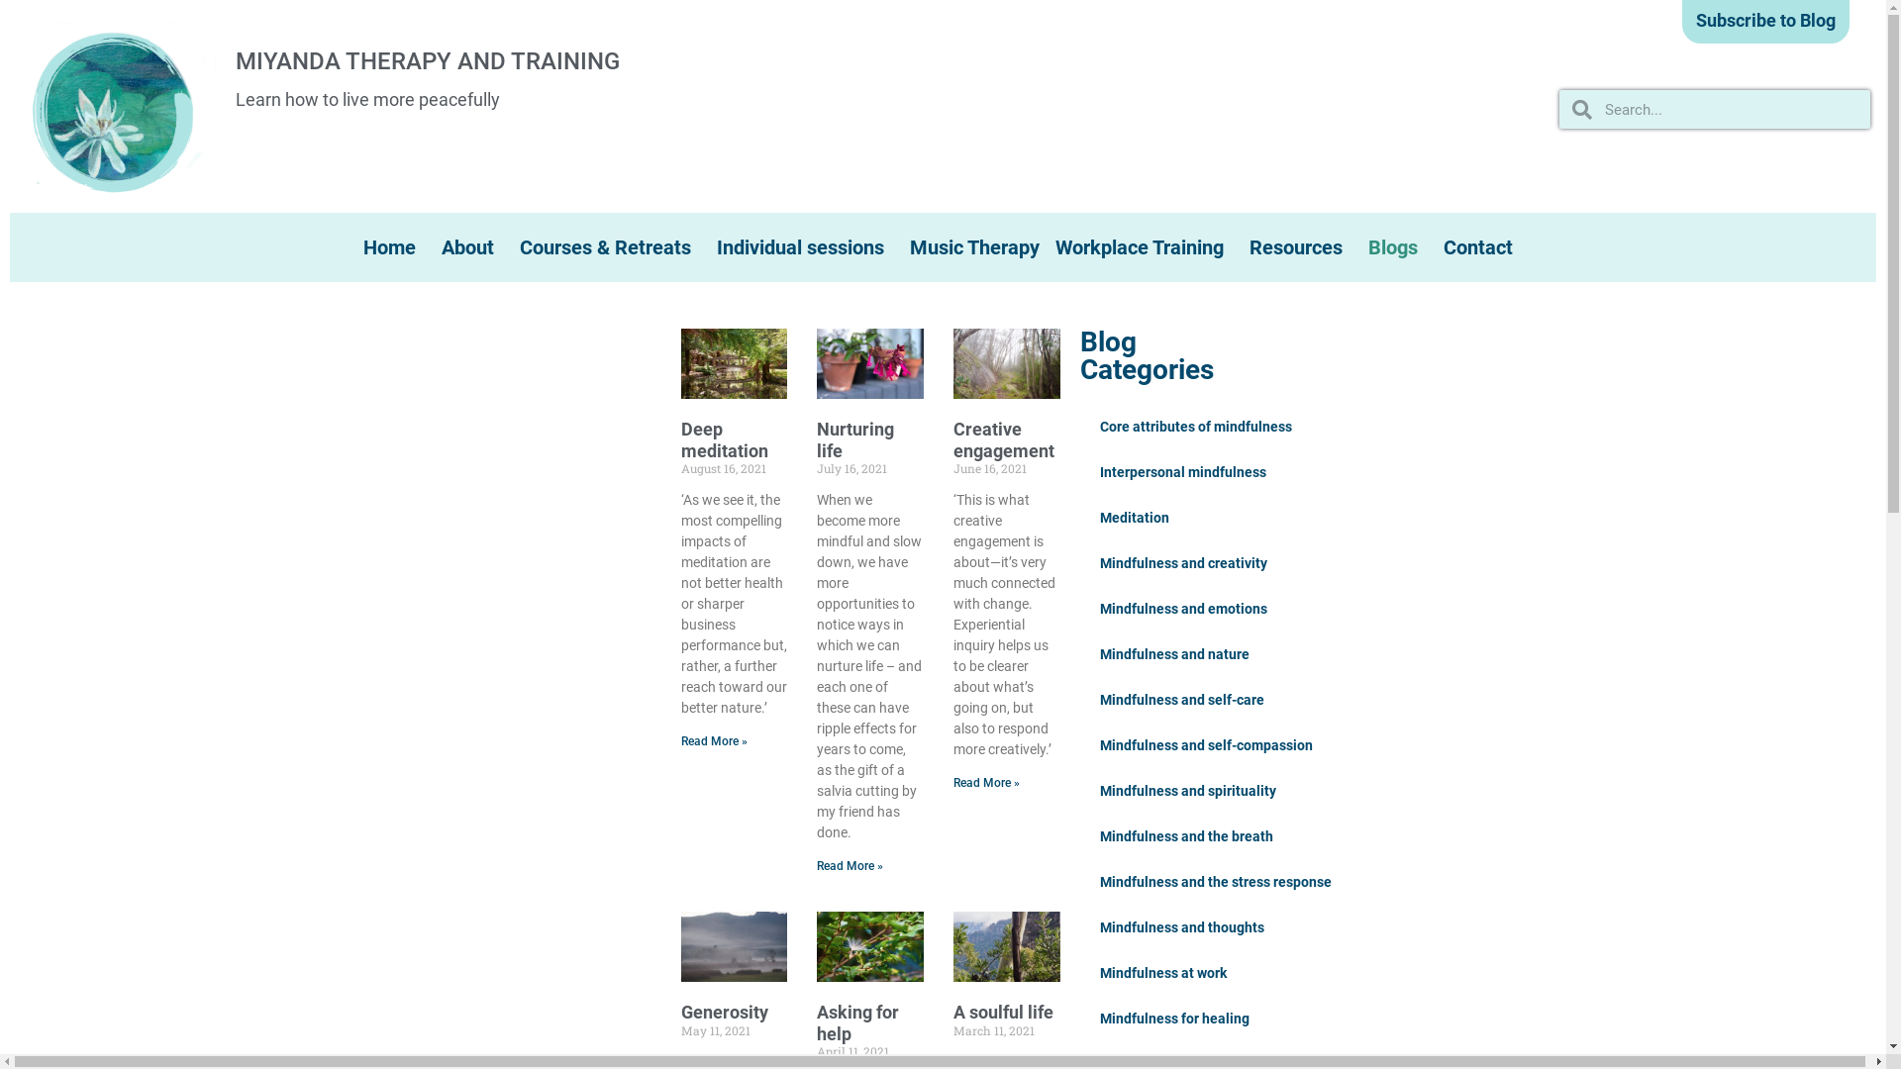  I want to click on 'Workplace Training', so click(1145, 246).